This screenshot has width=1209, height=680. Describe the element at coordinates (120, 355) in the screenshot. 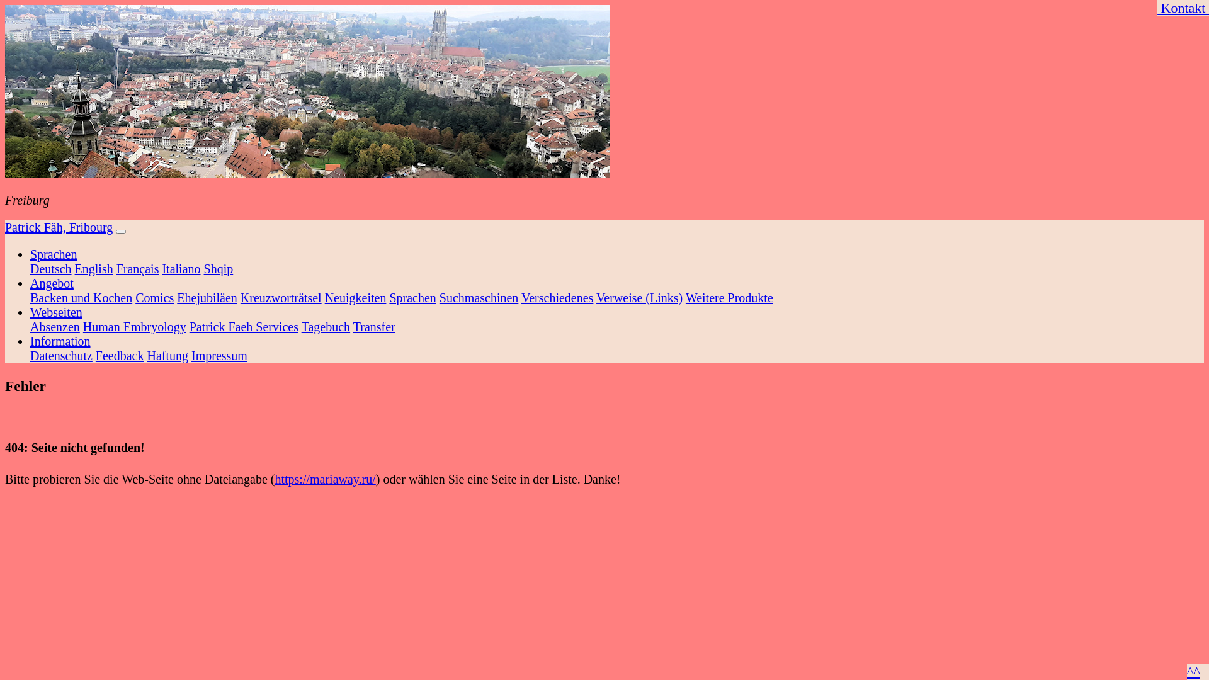

I see `'Feedback'` at that location.